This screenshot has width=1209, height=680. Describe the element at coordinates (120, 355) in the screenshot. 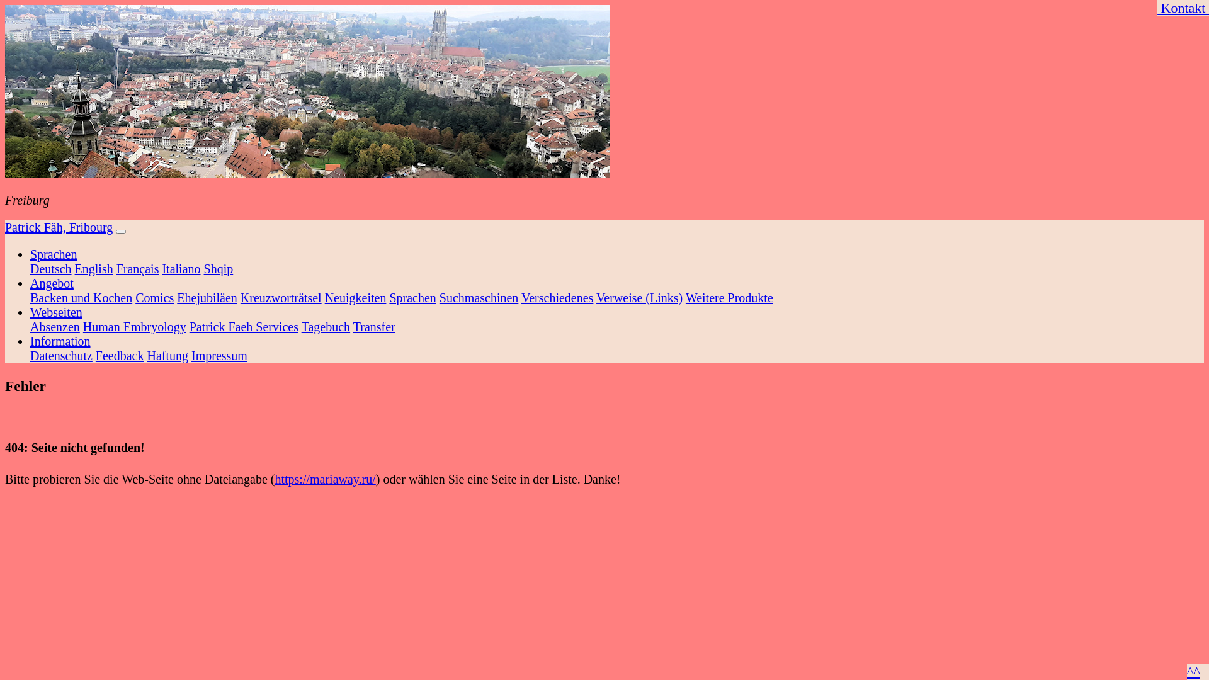

I see `'Feedback'` at that location.